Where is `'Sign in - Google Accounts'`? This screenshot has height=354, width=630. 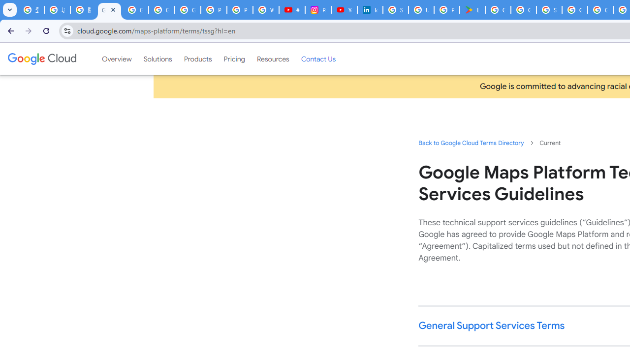
'Sign in - Google Accounts' is located at coordinates (549, 10).